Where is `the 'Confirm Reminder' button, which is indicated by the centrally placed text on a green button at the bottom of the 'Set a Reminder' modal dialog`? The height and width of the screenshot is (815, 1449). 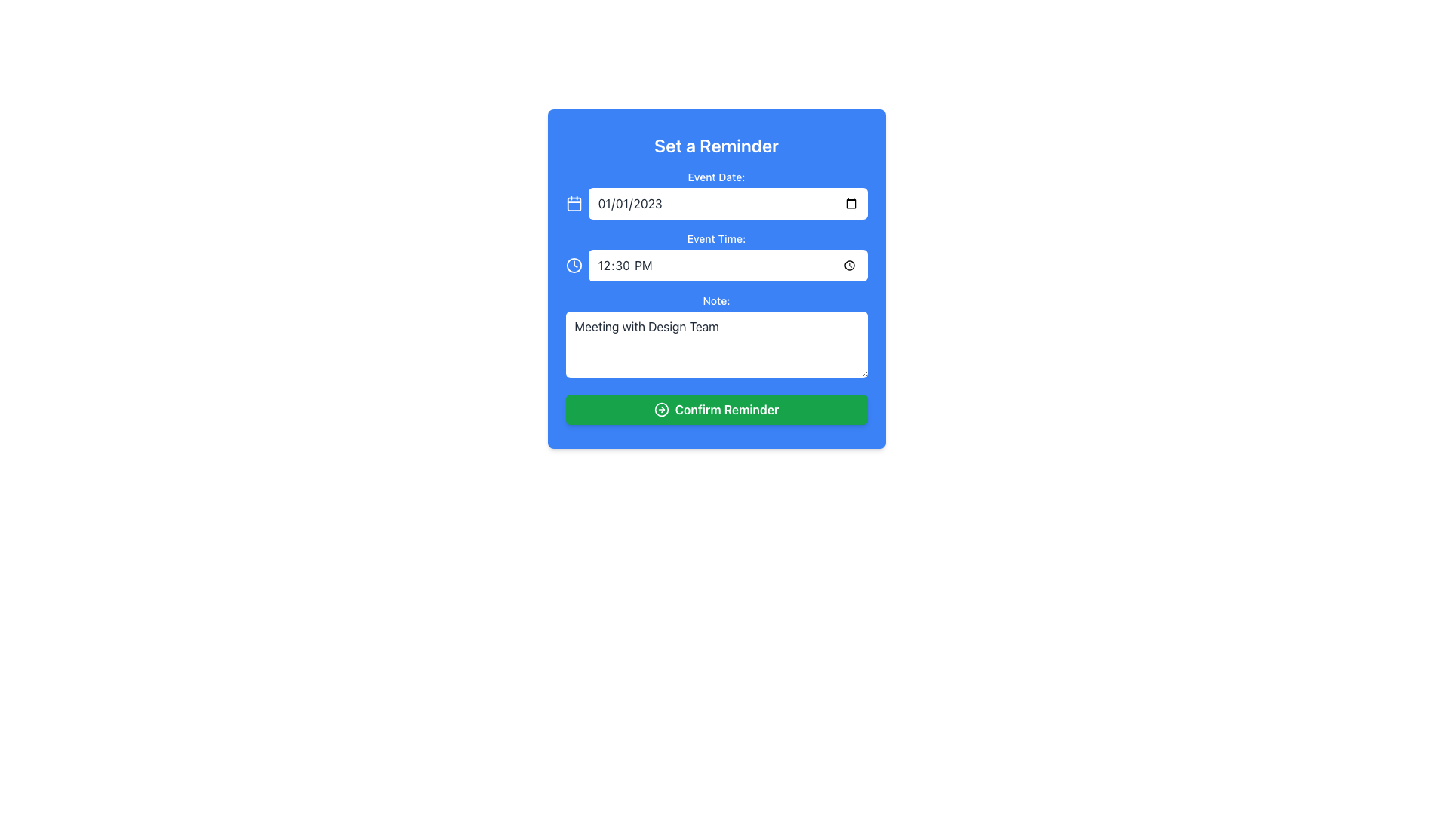
the 'Confirm Reminder' button, which is indicated by the centrally placed text on a green button at the bottom of the 'Set a Reminder' modal dialog is located at coordinates (727, 410).